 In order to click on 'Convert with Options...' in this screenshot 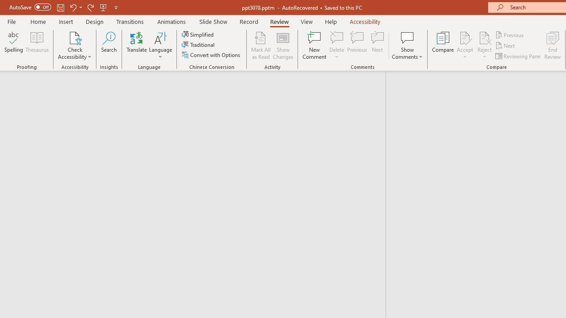, I will do `click(211, 55)`.